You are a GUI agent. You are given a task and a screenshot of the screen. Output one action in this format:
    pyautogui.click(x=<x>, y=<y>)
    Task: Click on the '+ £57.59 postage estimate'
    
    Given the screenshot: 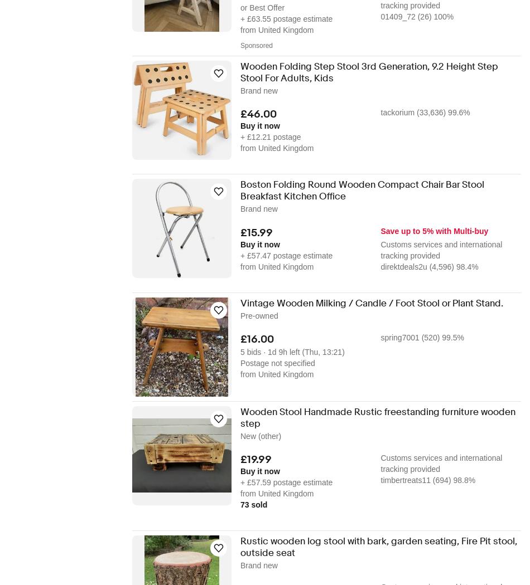 What is the action you would take?
    pyautogui.click(x=286, y=481)
    